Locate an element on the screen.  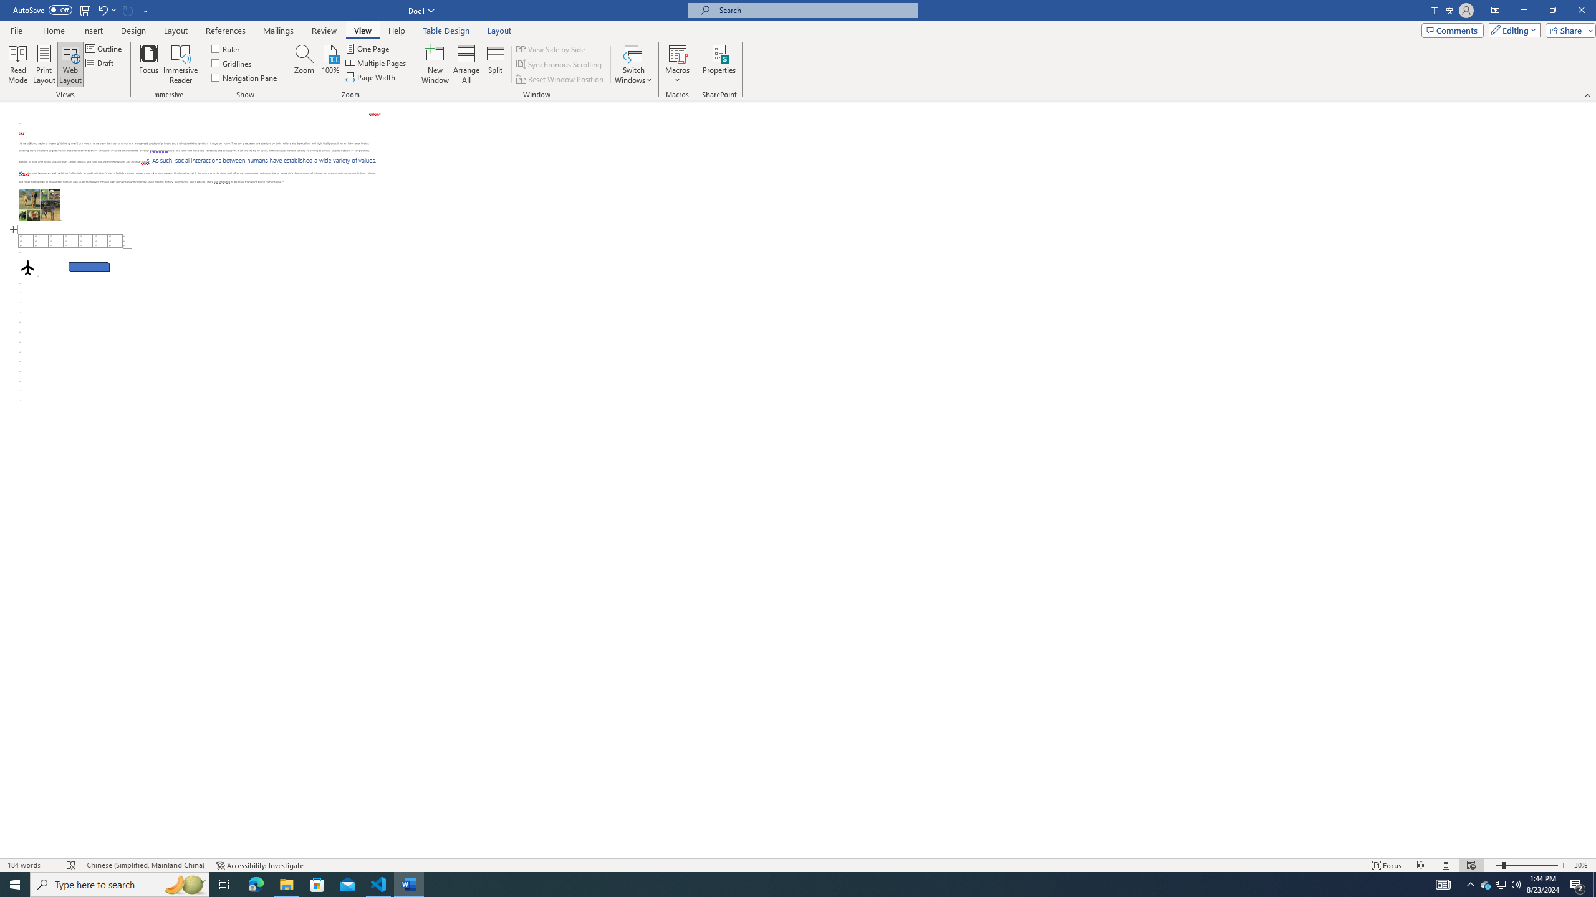
'Navigation Pane' is located at coordinates (244, 76).